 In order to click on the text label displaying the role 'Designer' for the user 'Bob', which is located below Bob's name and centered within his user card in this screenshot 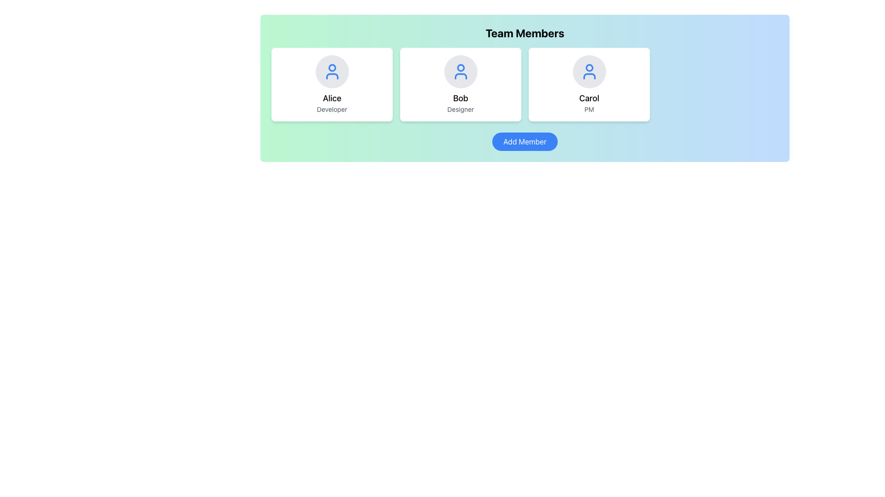, I will do `click(460, 109)`.